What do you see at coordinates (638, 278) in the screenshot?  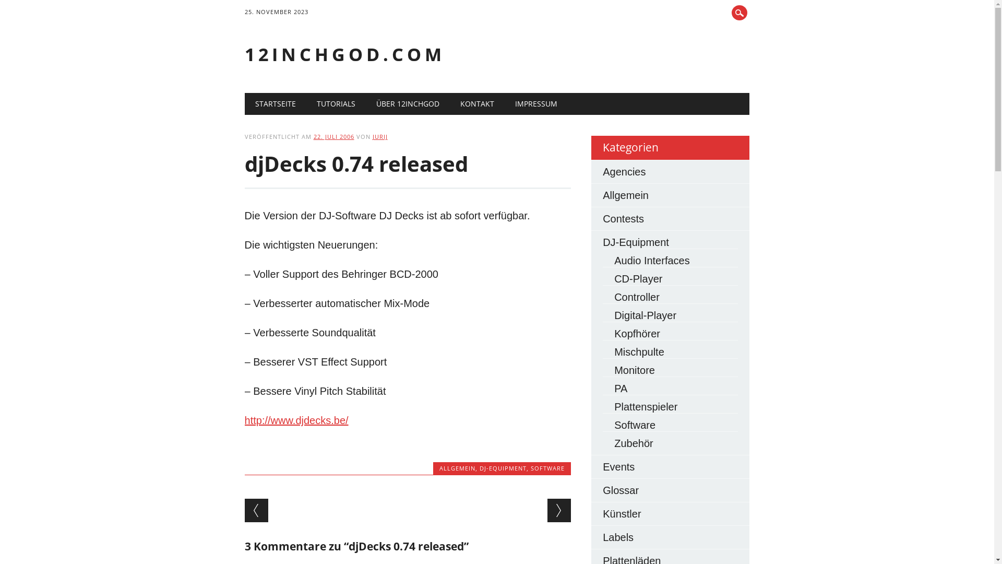 I see `'CD-Player'` at bounding box center [638, 278].